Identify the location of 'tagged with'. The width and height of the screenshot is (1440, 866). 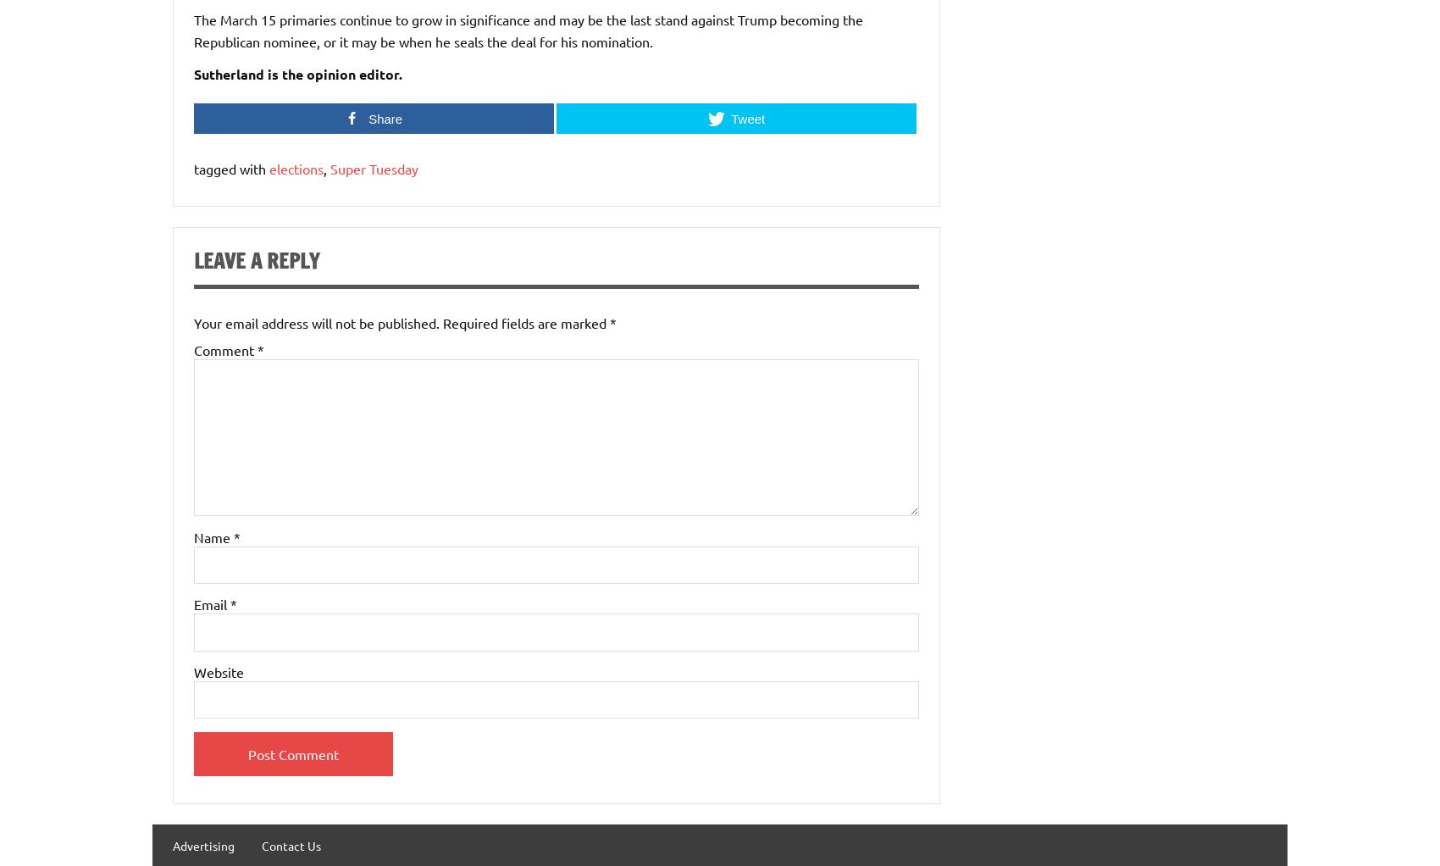
(231, 168).